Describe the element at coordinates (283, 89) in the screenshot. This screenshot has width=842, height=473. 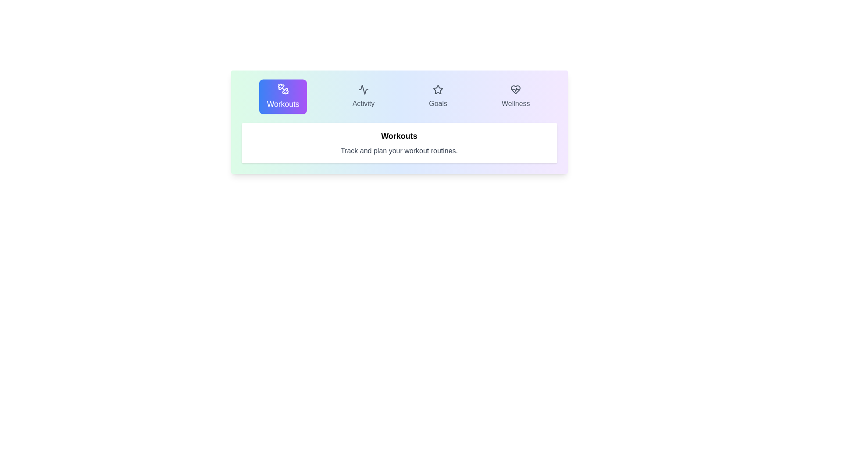
I see `the Decorative icon representing 'Workouts' in the navigational block` at that location.